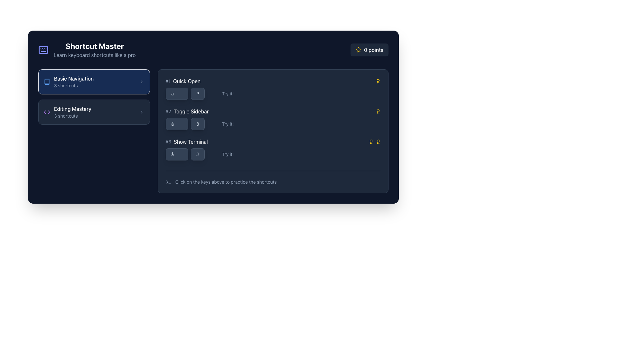  Describe the element at coordinates (273, 149) in the screenshot. I see `the displayed shortcut keys in the third row of the vertical list that includes an interactive button for practicing the shortcuts` at that location.